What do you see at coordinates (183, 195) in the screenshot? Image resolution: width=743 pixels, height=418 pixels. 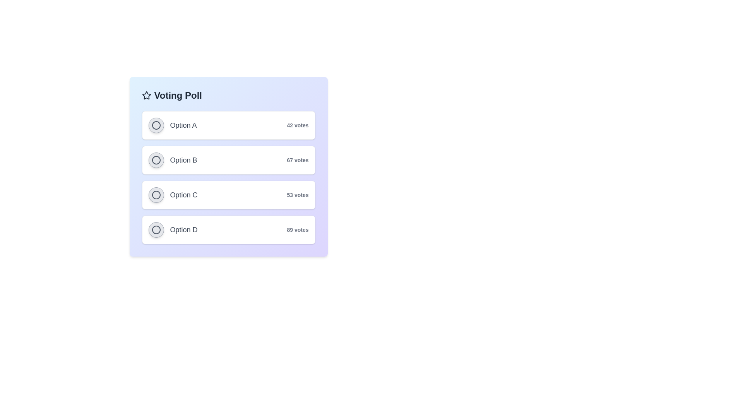 I see `the third text label component in a voting interface, which is visually connected to a radio button and positioned between 'Option B' and 'Option D'` at bounding box center [183, 195].